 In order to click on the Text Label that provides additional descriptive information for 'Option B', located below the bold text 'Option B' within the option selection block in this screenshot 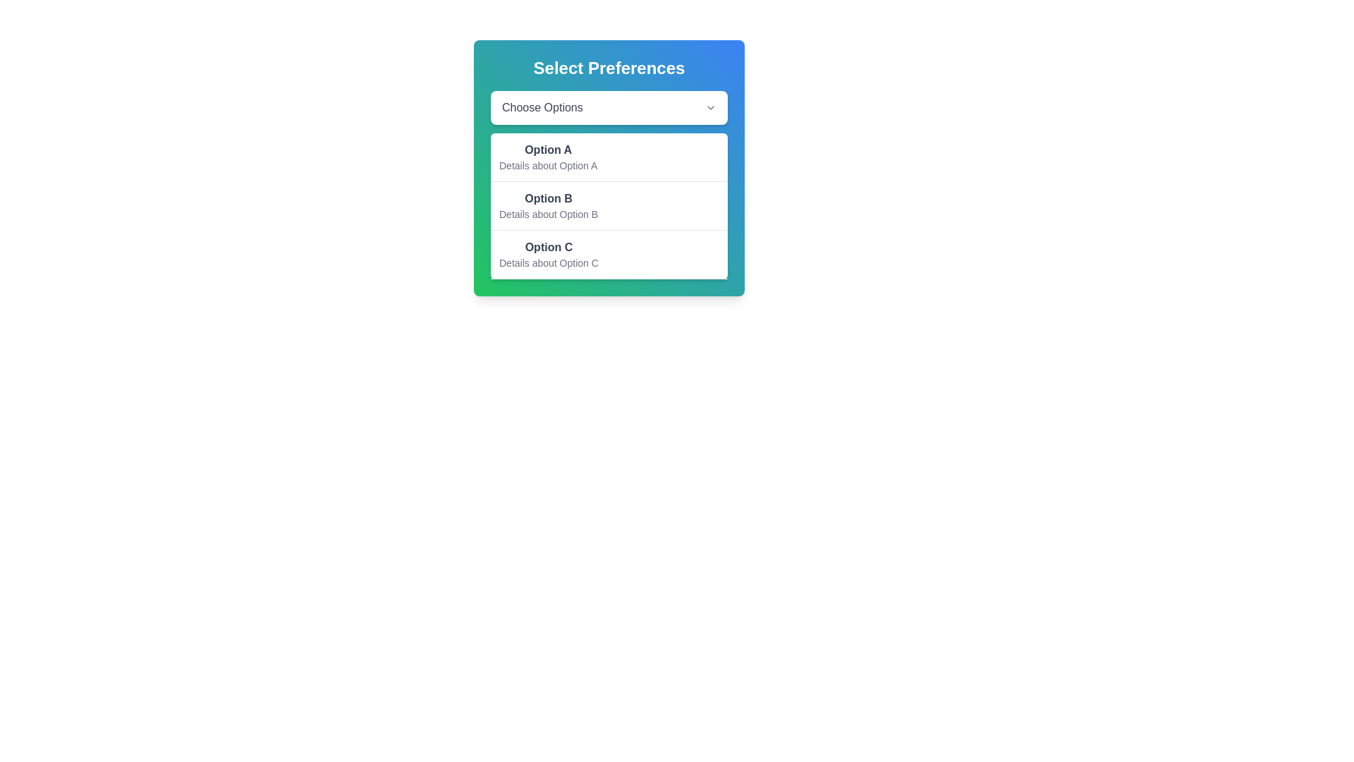, I will do `click(547, 214)`.